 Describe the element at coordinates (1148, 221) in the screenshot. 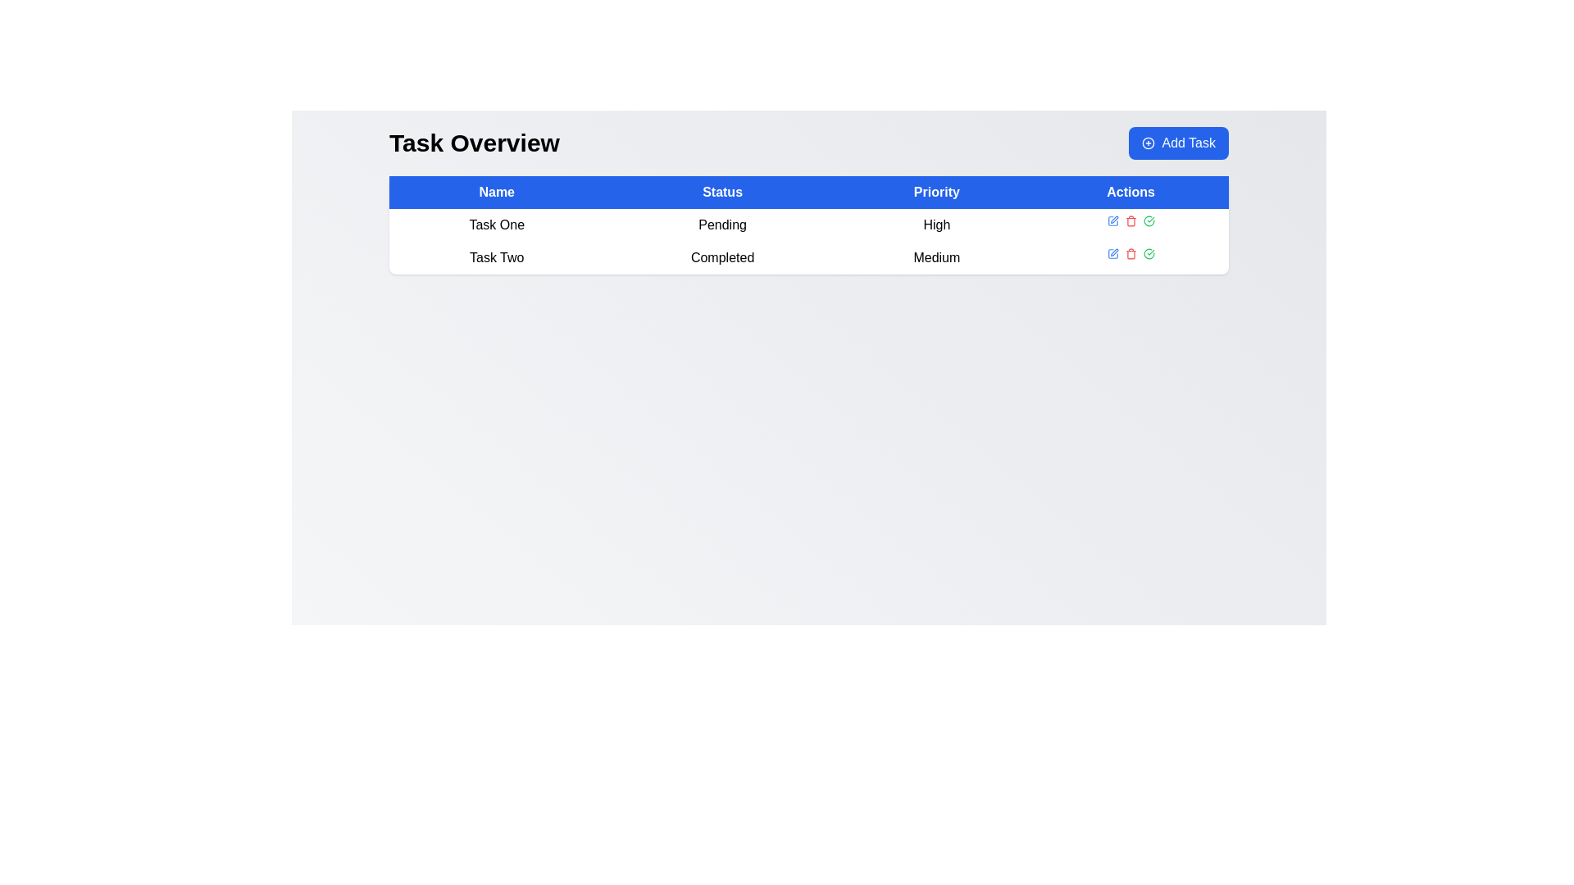

I see `the confirmation icon button located at the rightmost position in the 'Actions' column of the 'Task Two' row` at that location.